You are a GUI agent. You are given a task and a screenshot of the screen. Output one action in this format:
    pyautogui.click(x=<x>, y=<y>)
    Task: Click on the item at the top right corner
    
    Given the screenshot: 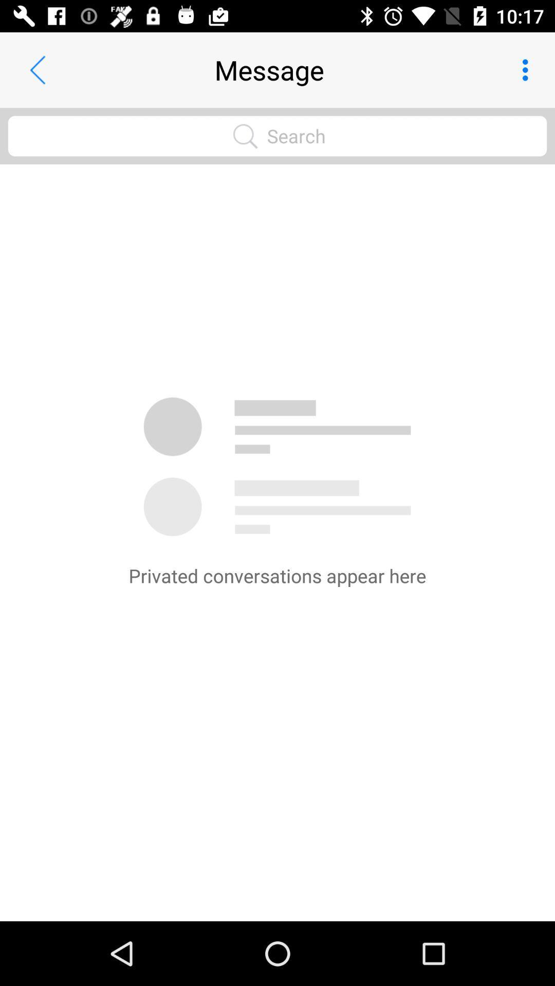 What is the action you would take?
    pyautogui.click(x=528, y=69)
    